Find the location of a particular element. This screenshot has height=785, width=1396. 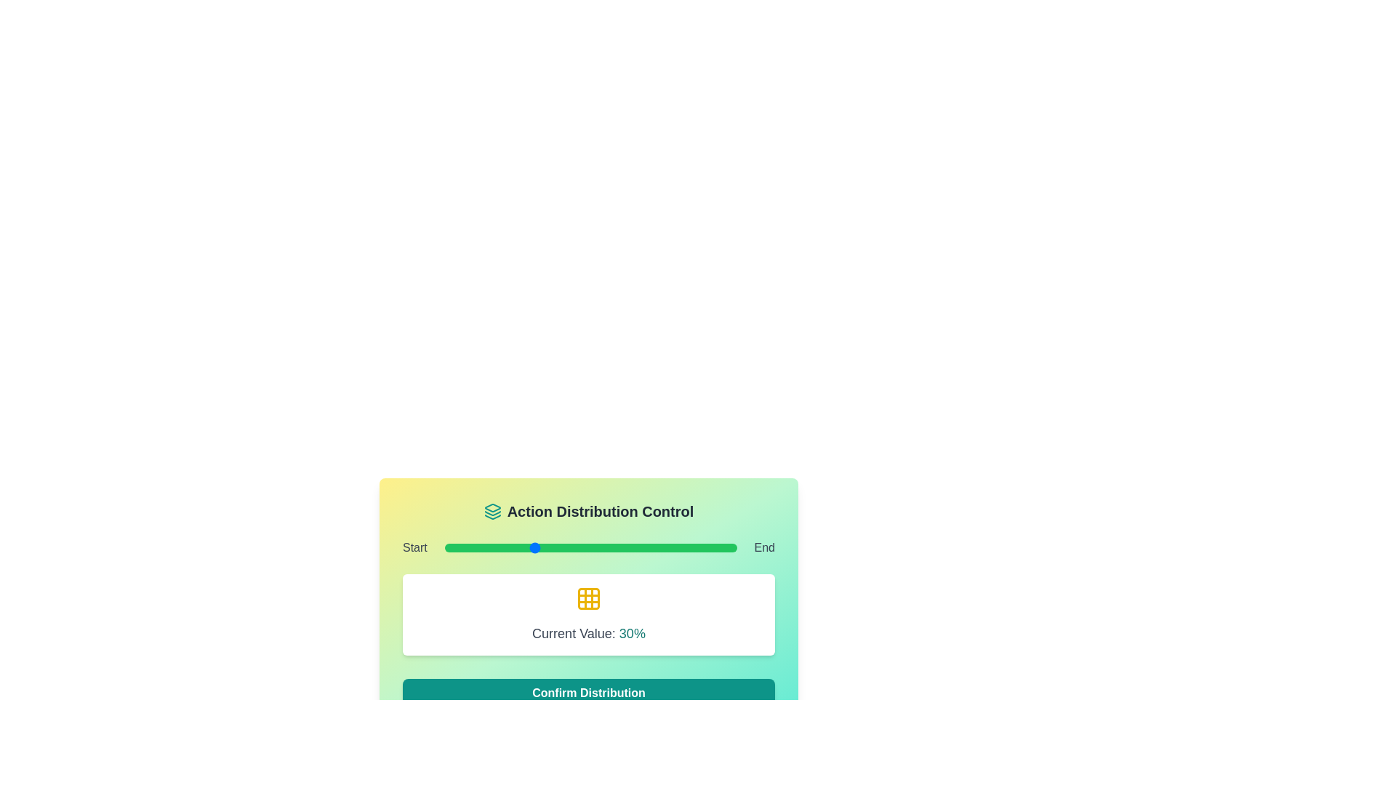

the slider to set its value to 88% is located at coordinates (702, 547).